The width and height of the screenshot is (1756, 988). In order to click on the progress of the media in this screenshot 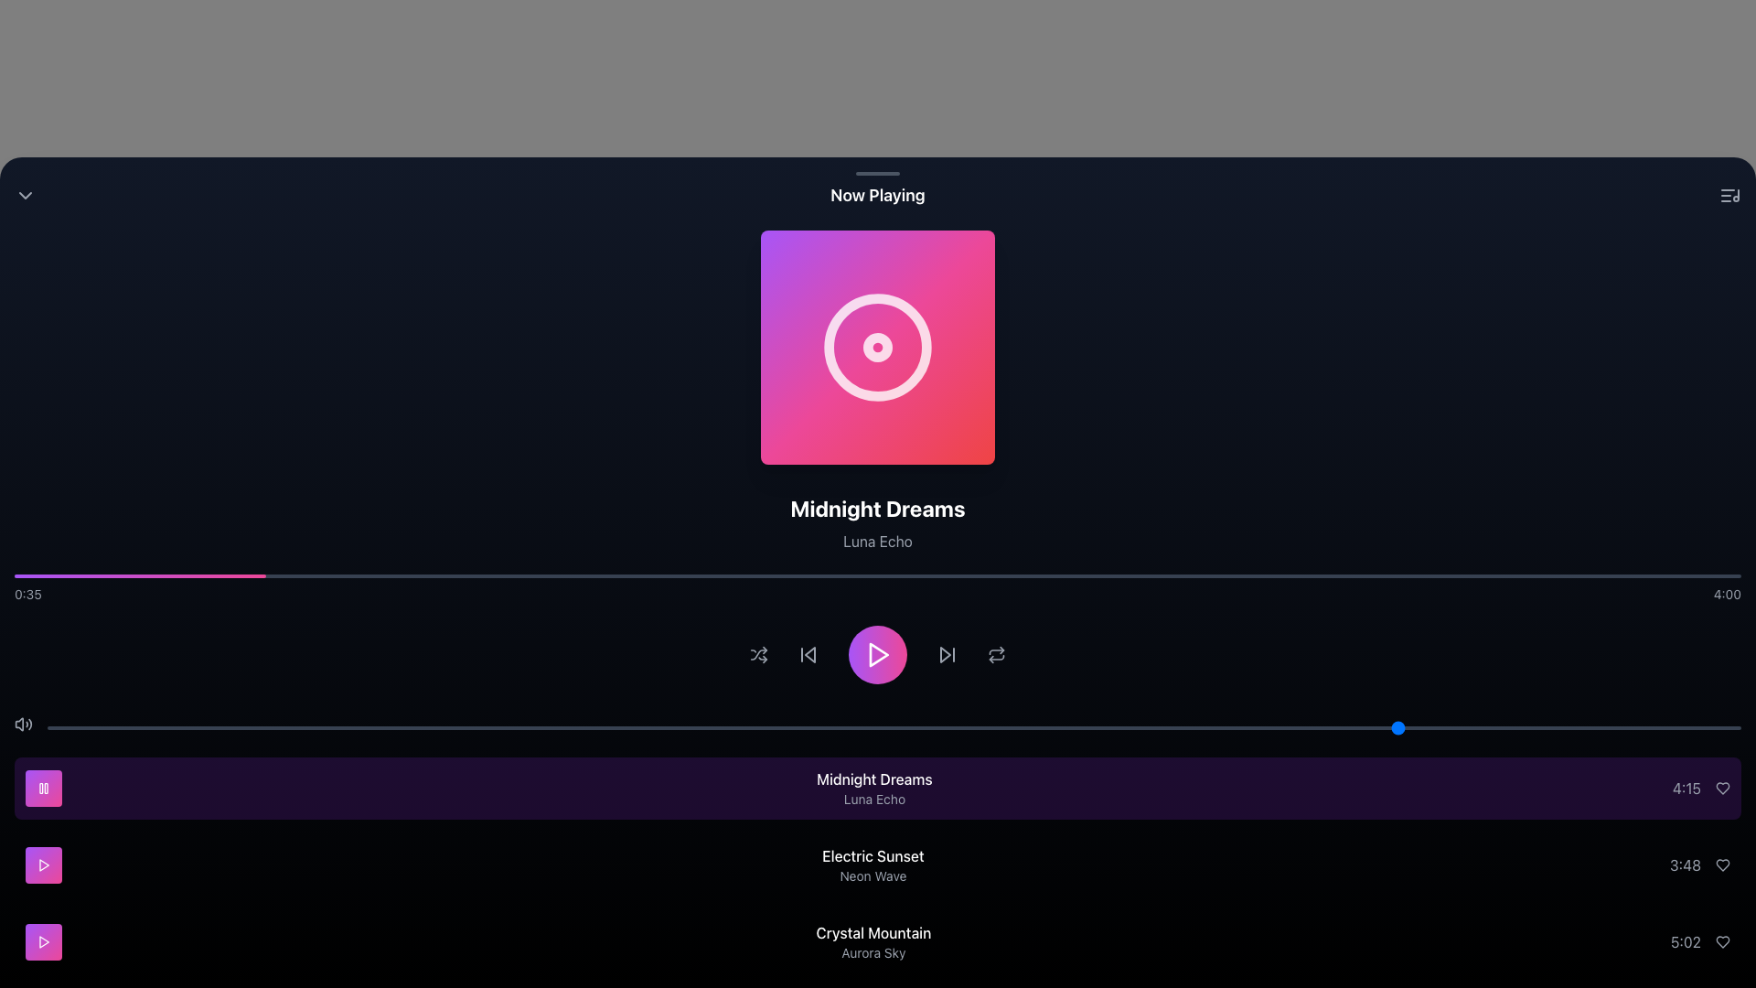, I will do `click(1308, 575)`.